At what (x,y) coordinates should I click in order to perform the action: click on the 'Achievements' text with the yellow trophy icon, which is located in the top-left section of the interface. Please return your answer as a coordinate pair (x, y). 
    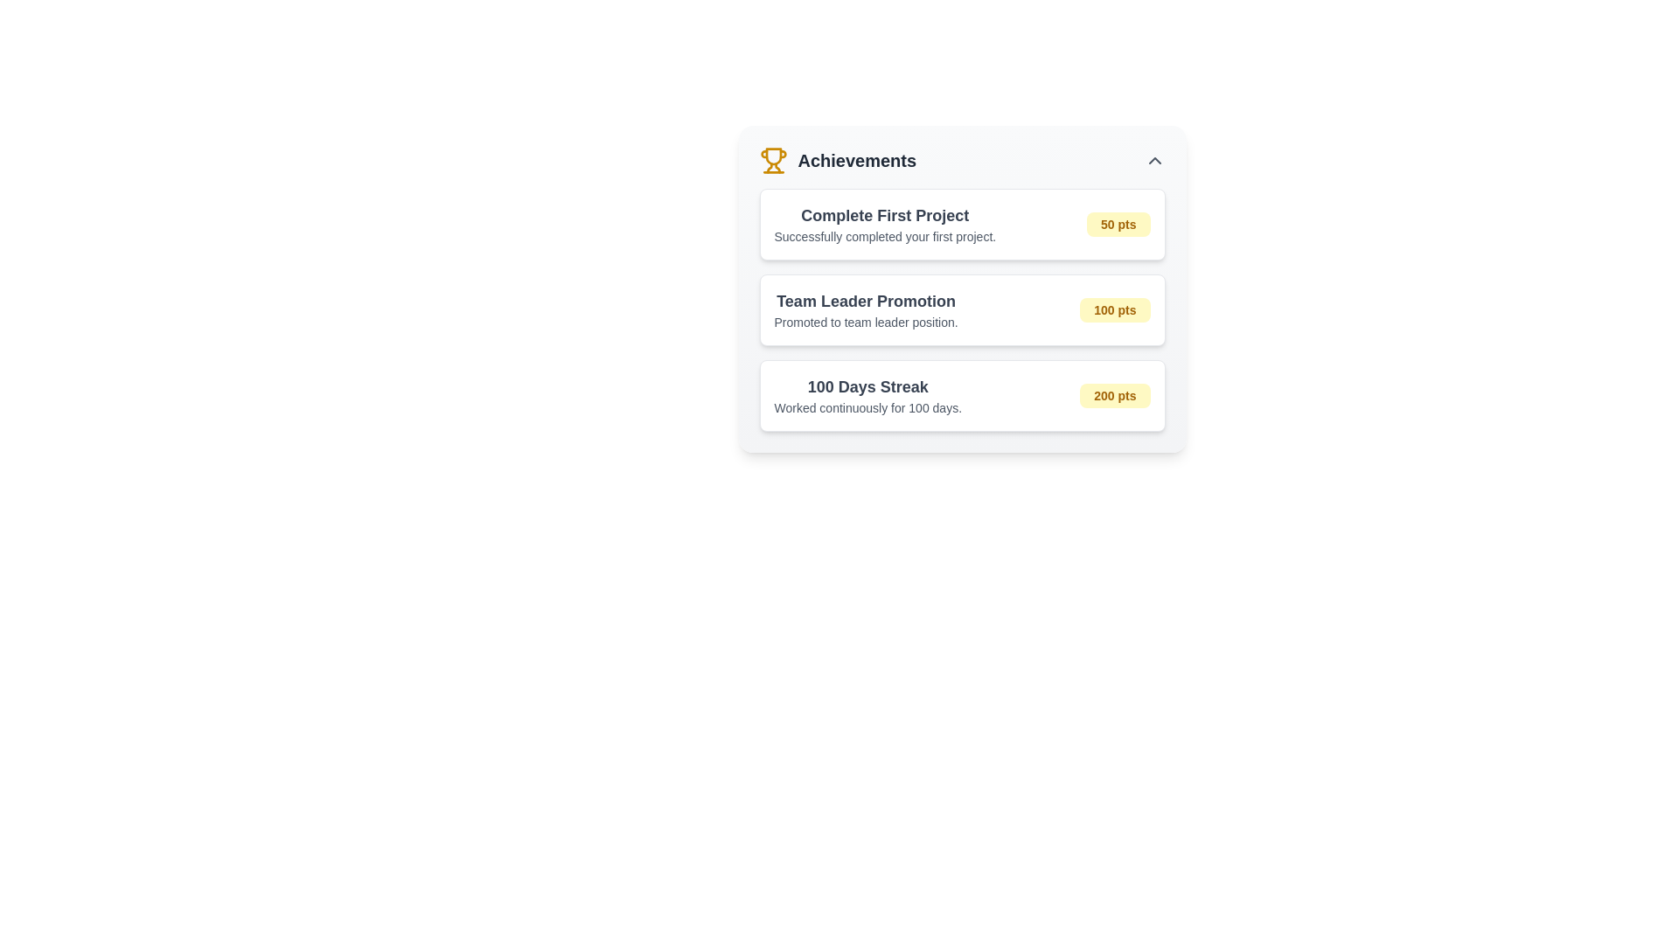
    Looking at the image, I should click on (837, 161).